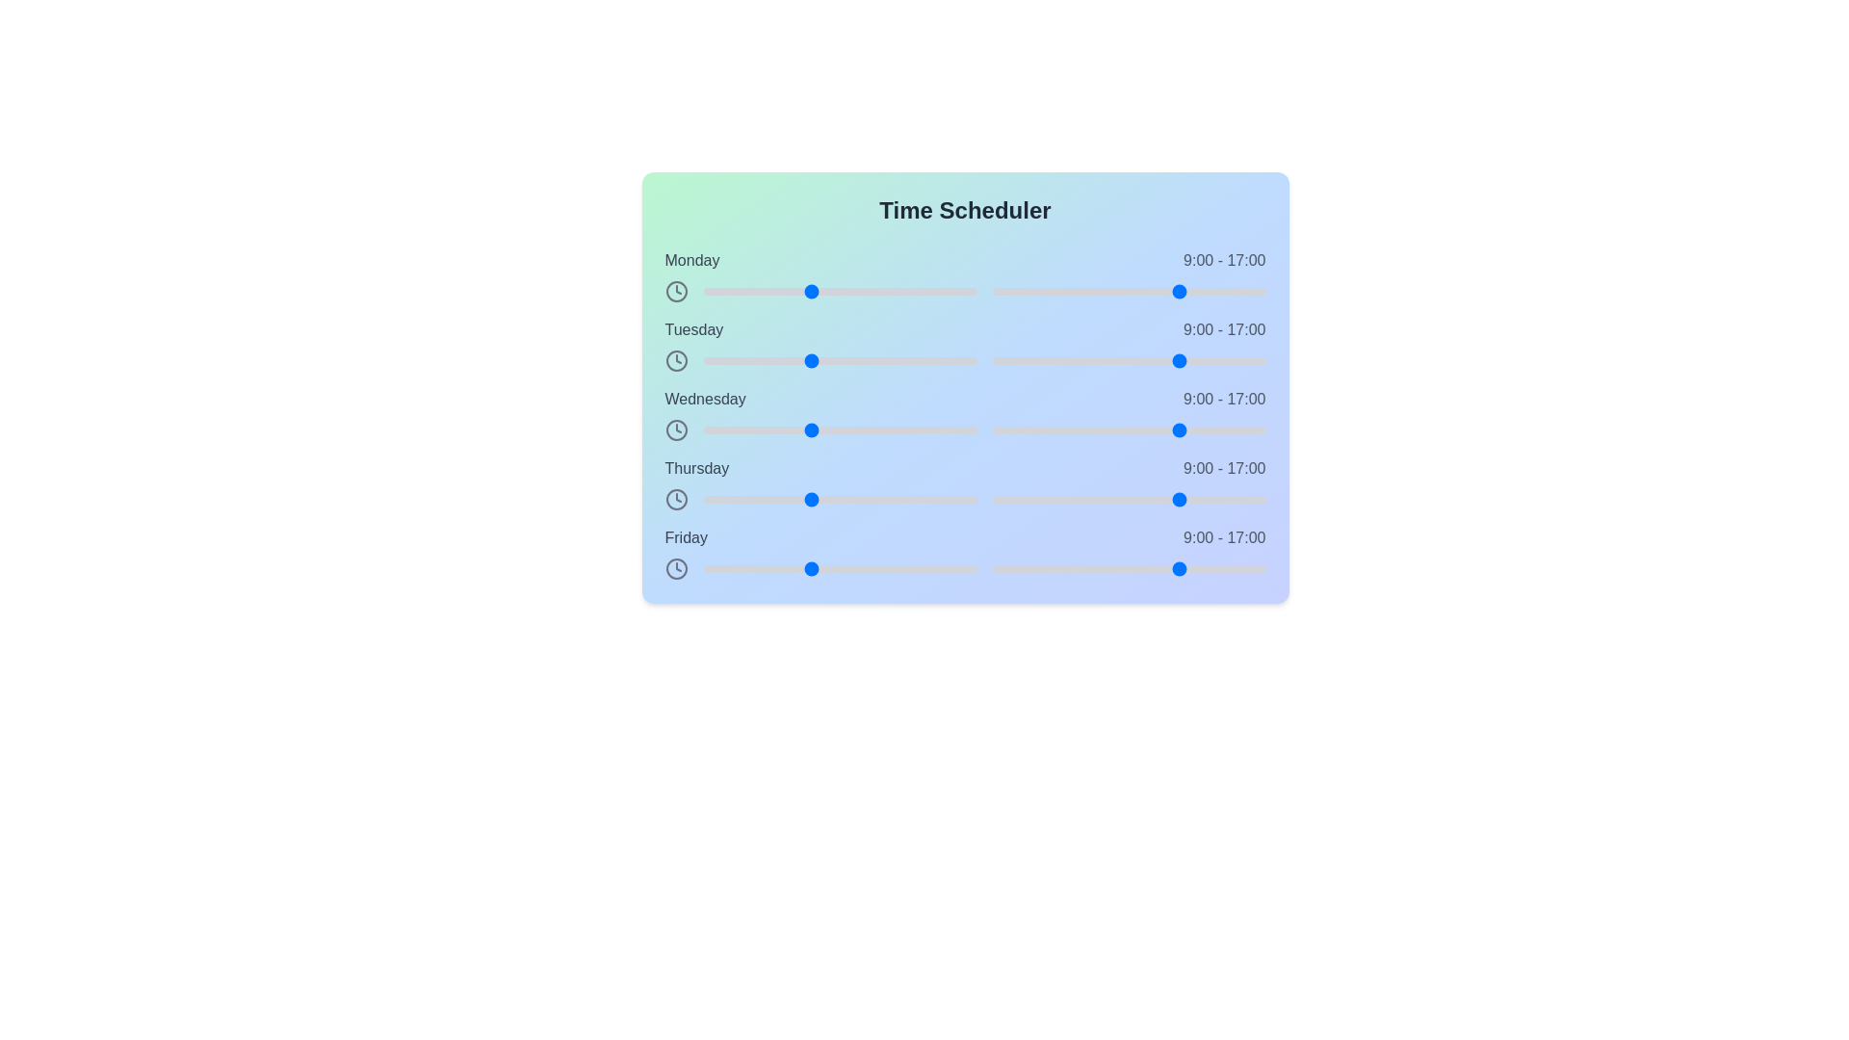  What do you see at coordinates (676, 292) in the screenshot?
I see `the clock icon next to the label for Monday` at bounding box center [676, 292].